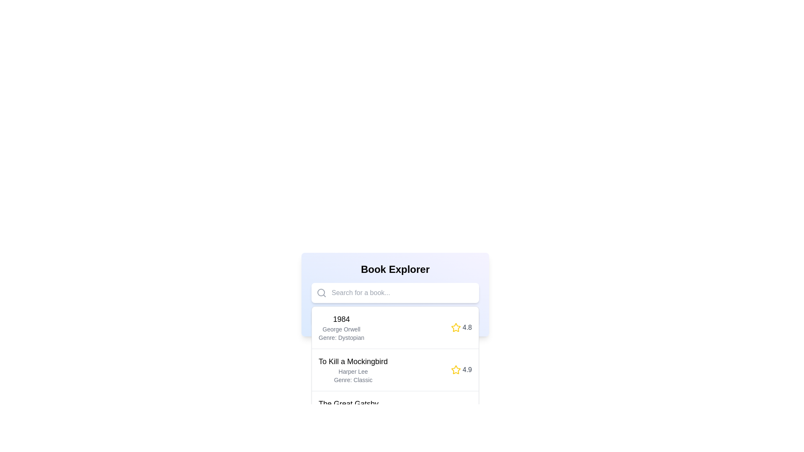 The image size is (804, 452). I want to click on the rating display showing a yellow star icon followed by the text '4.8', so click(461, 327).